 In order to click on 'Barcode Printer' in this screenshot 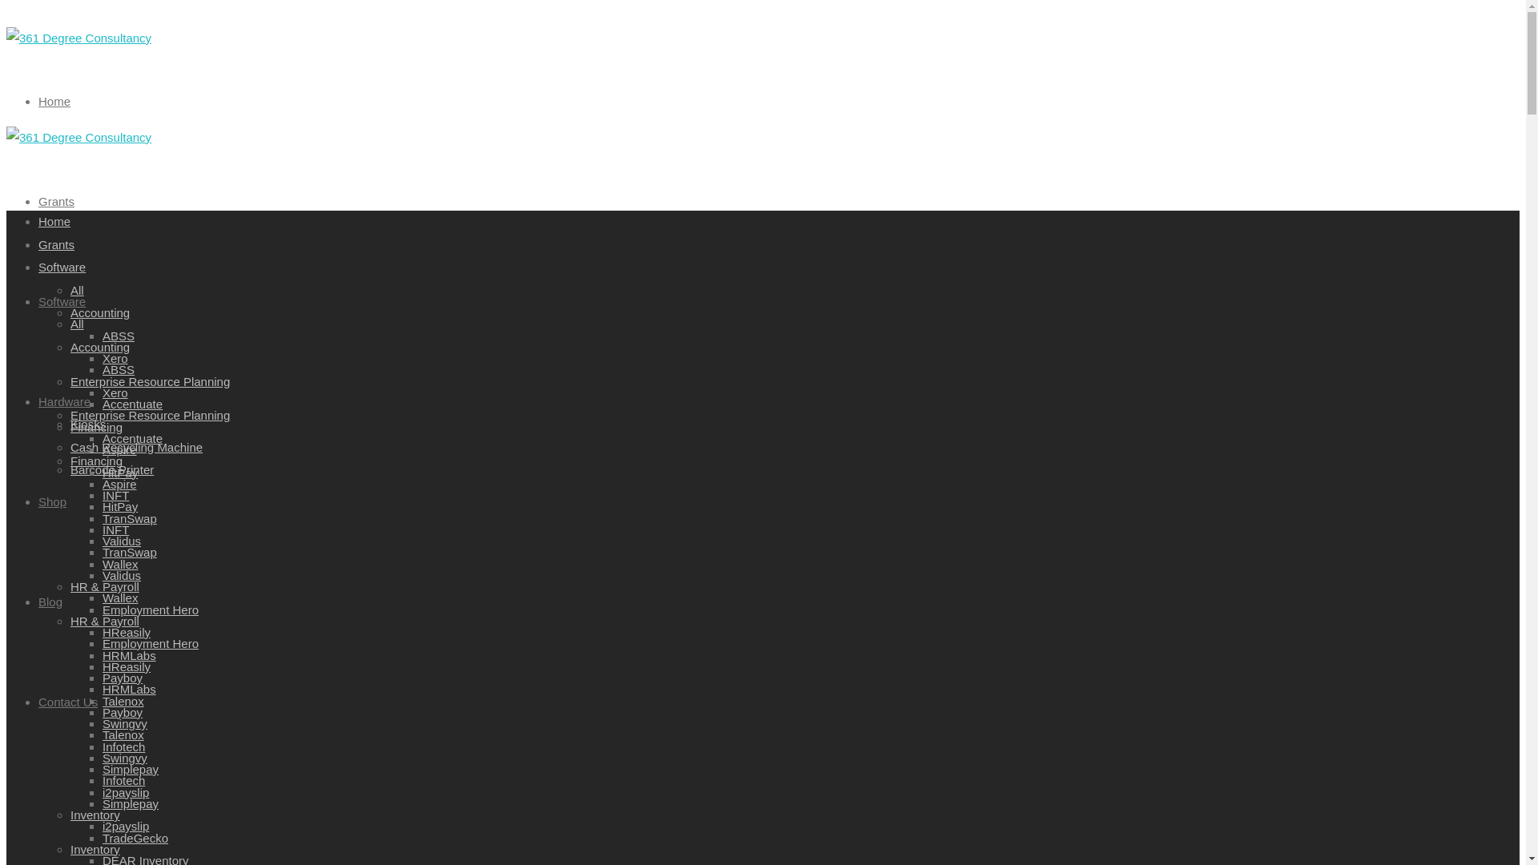, I will do `click(69, 469)`.